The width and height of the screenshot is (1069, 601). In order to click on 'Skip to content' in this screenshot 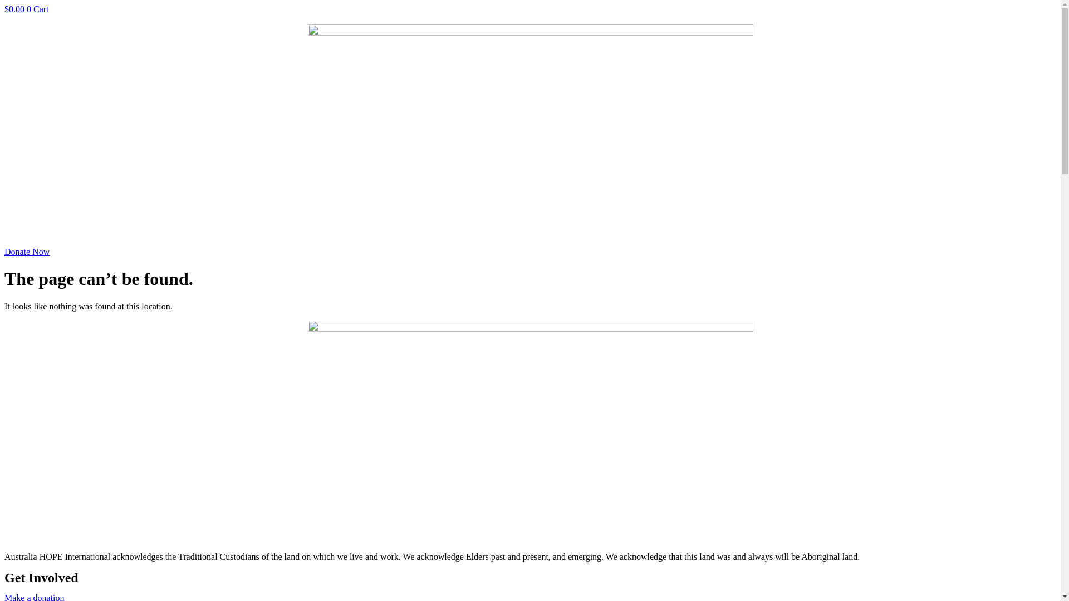, I will do `click(4, 4)`.